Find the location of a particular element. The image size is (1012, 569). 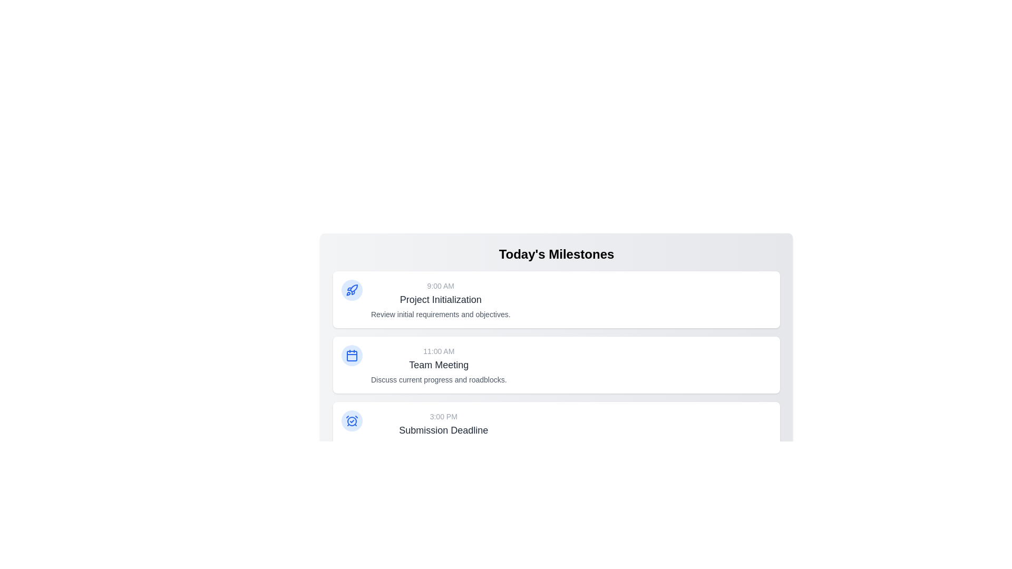

associated information of the third list item in the milestone tracker indicating a submission deadline at 3:00 PM is located at coordinates (556, 430).